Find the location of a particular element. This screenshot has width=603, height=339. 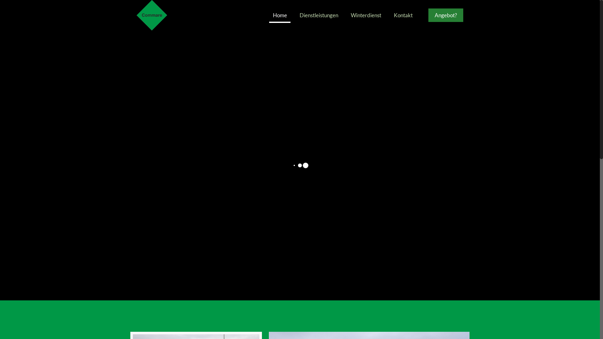

'Kontakt' is located at coordinates (387, 15).